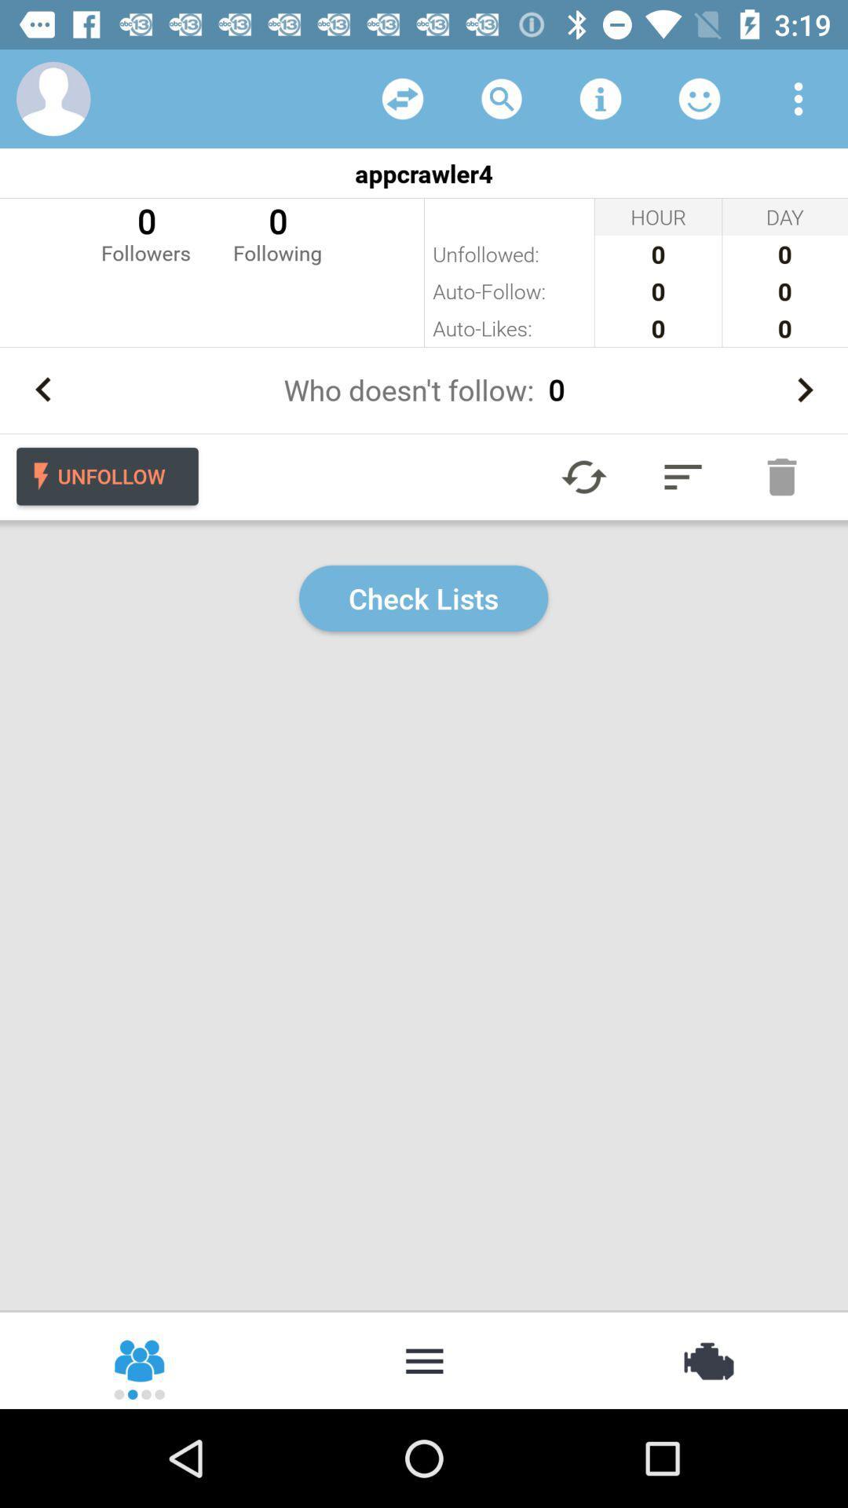  I want to click on unfollow icon, so click(106, 475).